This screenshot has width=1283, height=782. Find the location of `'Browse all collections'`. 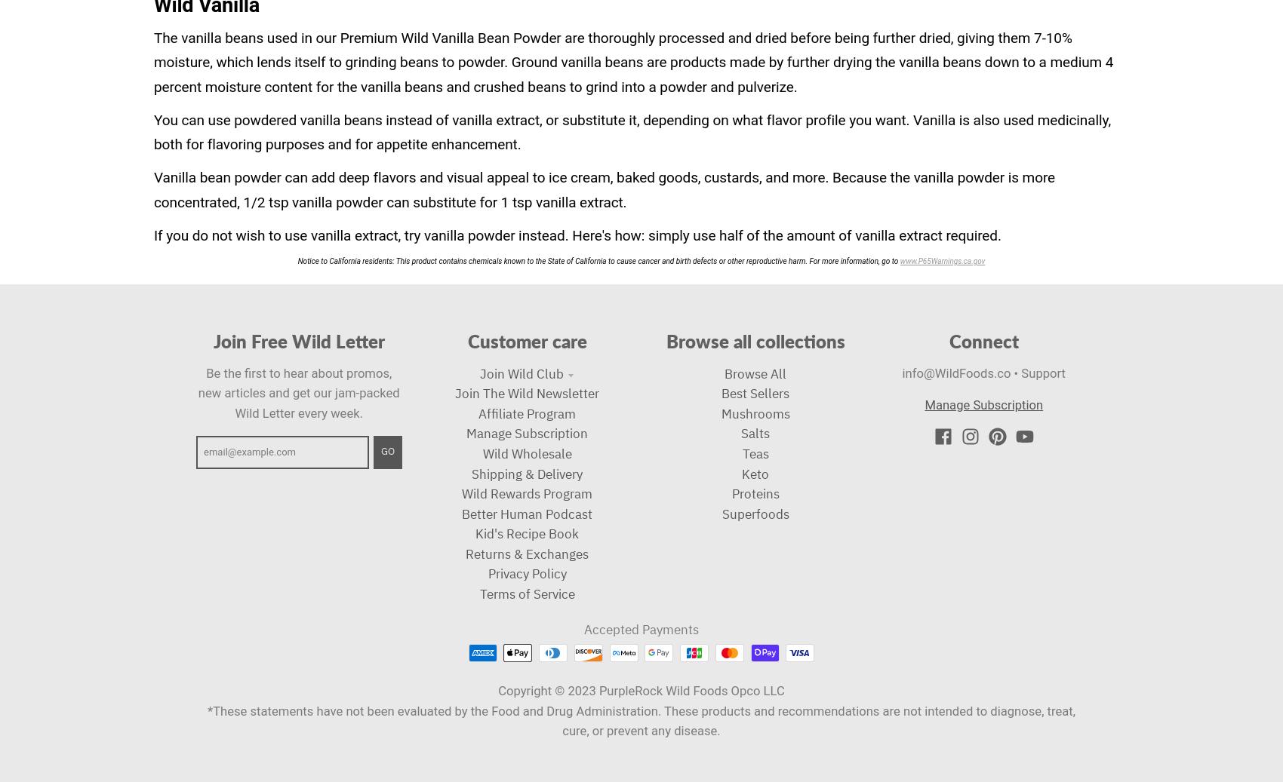

'Browse all collections' is located at coordinates (754, 340).